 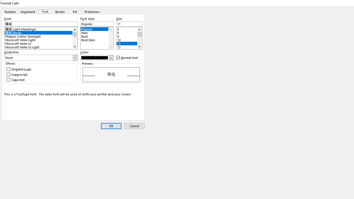 What do you see at coordinates (41, 58) in the screenshot?
I see `'Underline:'` at bounding box center [41, 58].